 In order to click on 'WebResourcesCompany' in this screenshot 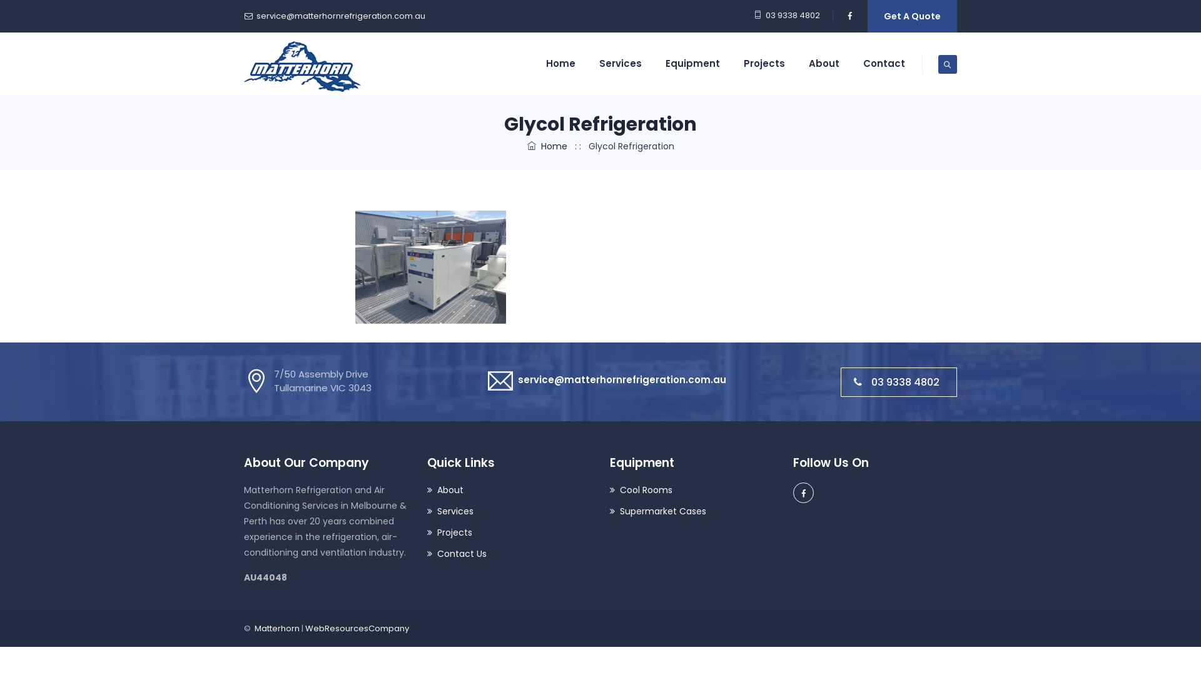, I will do `click(357, 628)`.